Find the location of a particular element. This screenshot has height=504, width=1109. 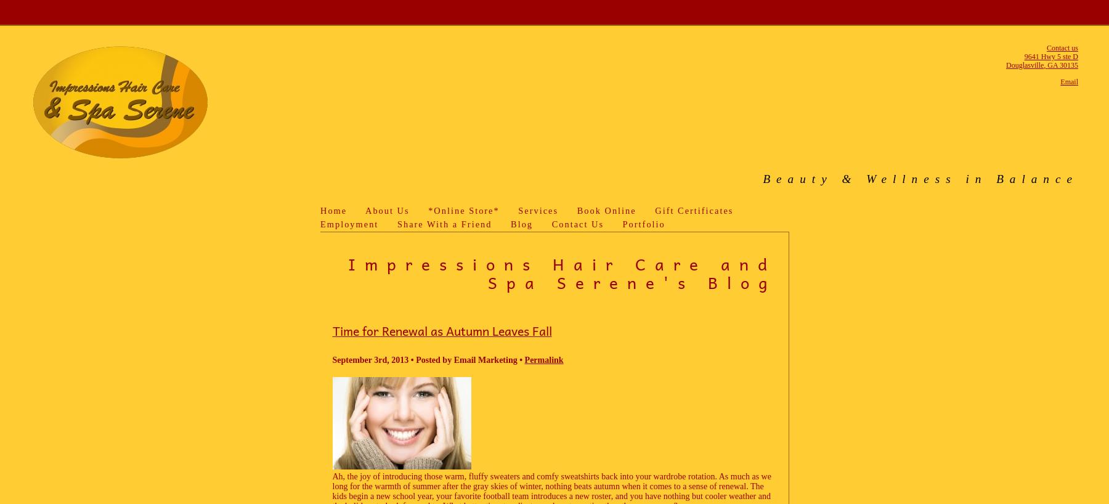

'September 3rd, 2013 • Posted by Email Marketing •' is located at coordinates (427, 359).